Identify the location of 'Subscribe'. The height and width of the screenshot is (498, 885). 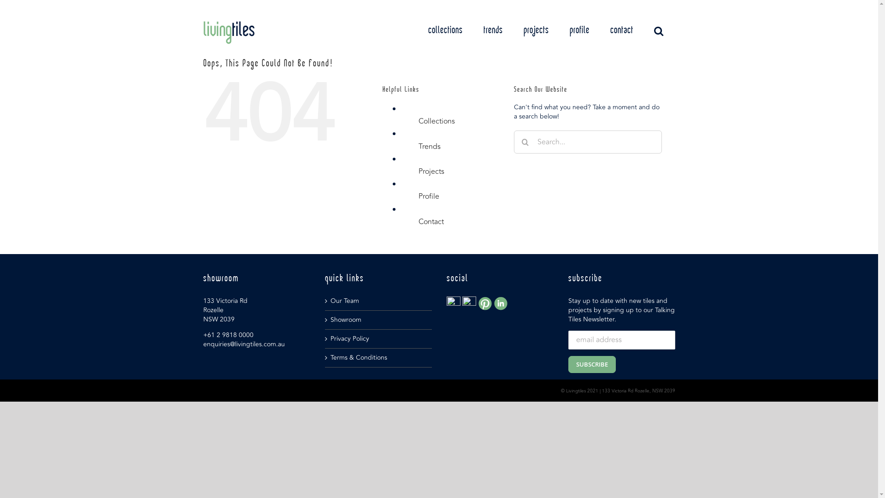
(567, 364).